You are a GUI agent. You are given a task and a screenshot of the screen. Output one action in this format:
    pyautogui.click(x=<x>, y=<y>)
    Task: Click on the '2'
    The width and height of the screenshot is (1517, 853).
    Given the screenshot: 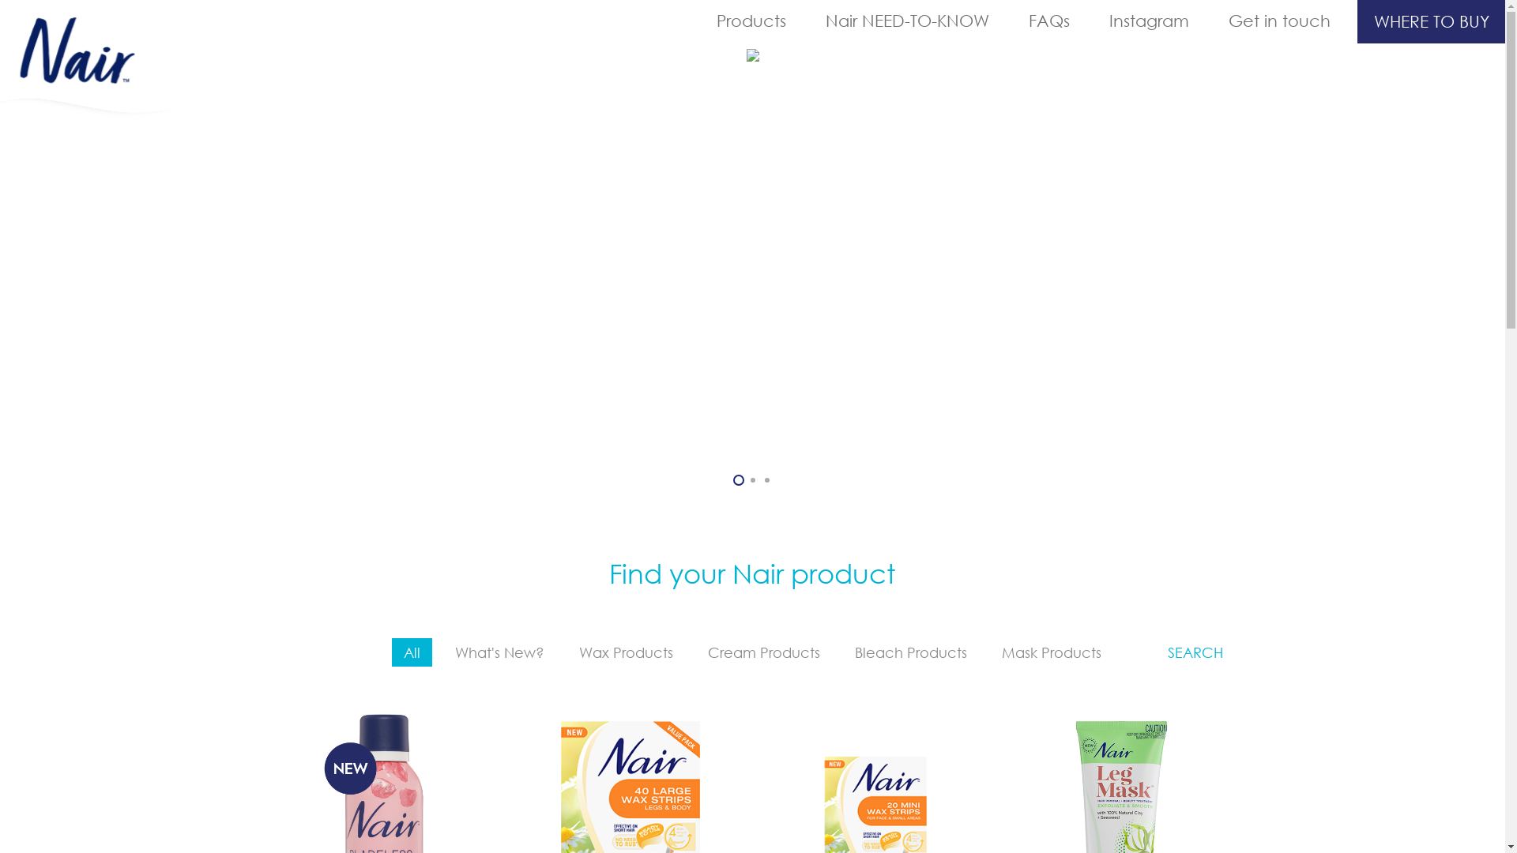 What is the action you would take?
    pyautogui.click(x=752, y=479)
    